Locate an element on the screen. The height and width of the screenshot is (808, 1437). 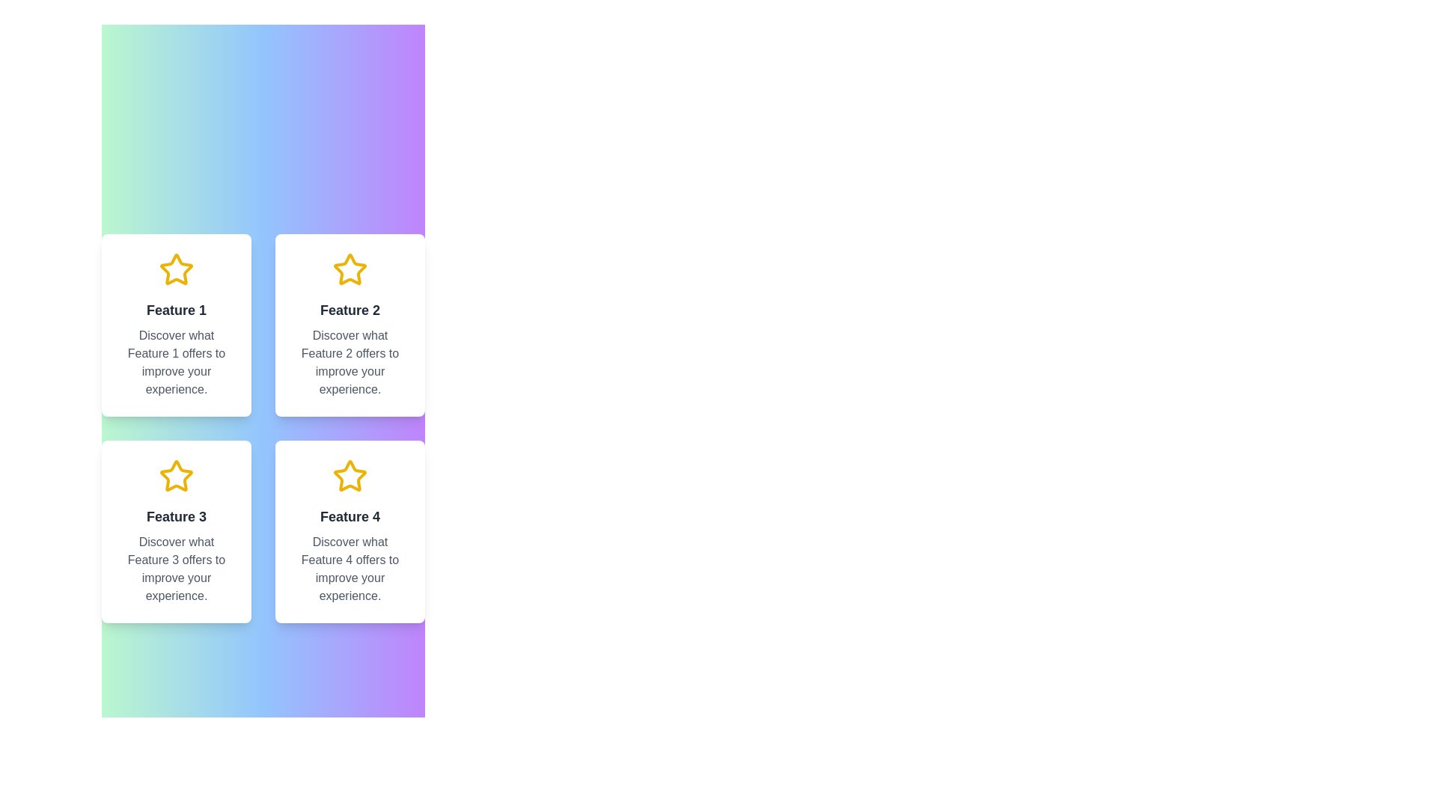
content within the Informational card titled 'Feature 4', which contains a yellow star icon, a bold title in dark gray, and descriptive text in lighter gray is located at coordinates (349, 530).